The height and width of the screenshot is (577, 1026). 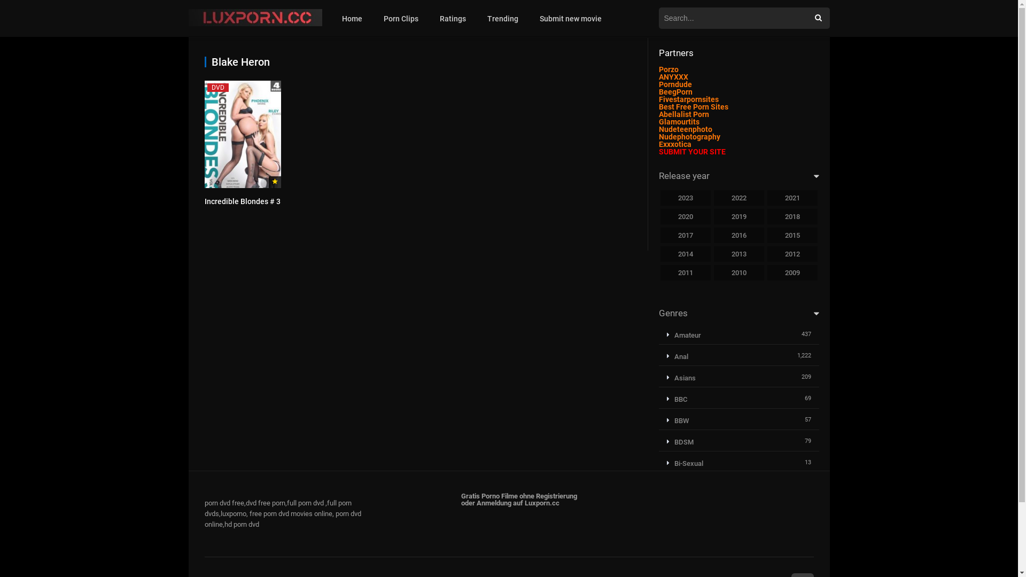 I want to click on 'Exxxotica', so click(x=674, y=144).